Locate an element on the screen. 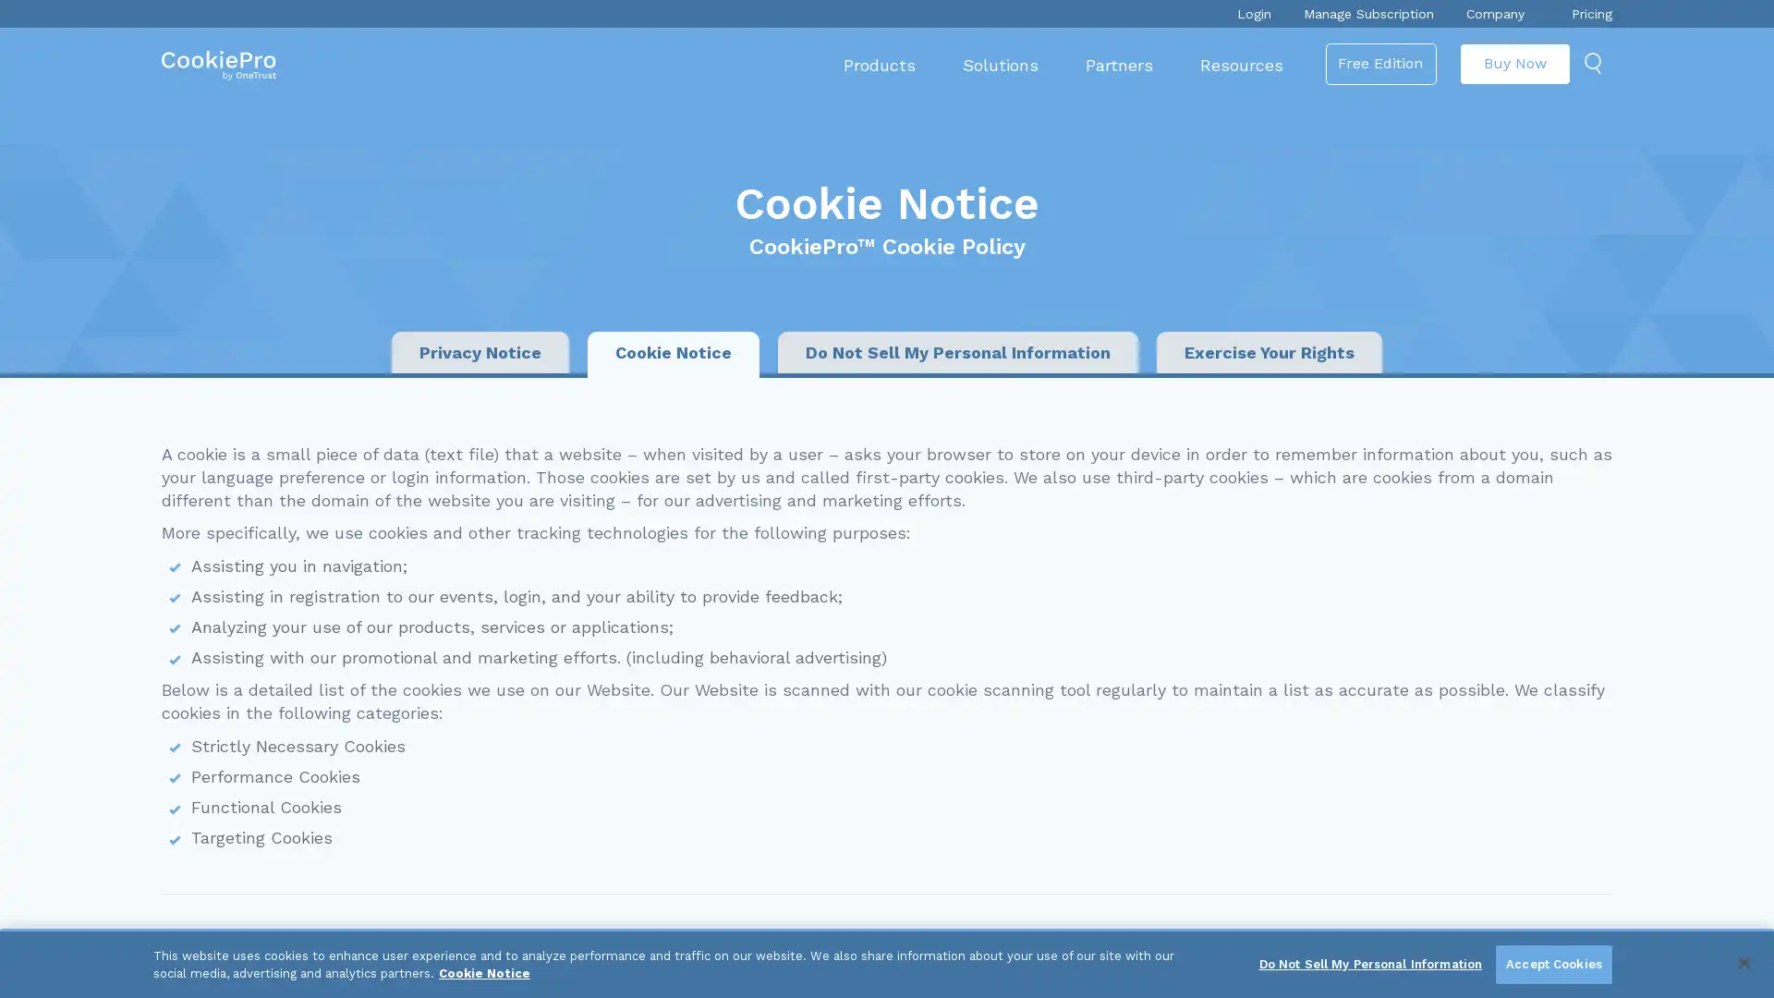  Do Not Sell My Personal Information is located at coordinates (1370, 964).